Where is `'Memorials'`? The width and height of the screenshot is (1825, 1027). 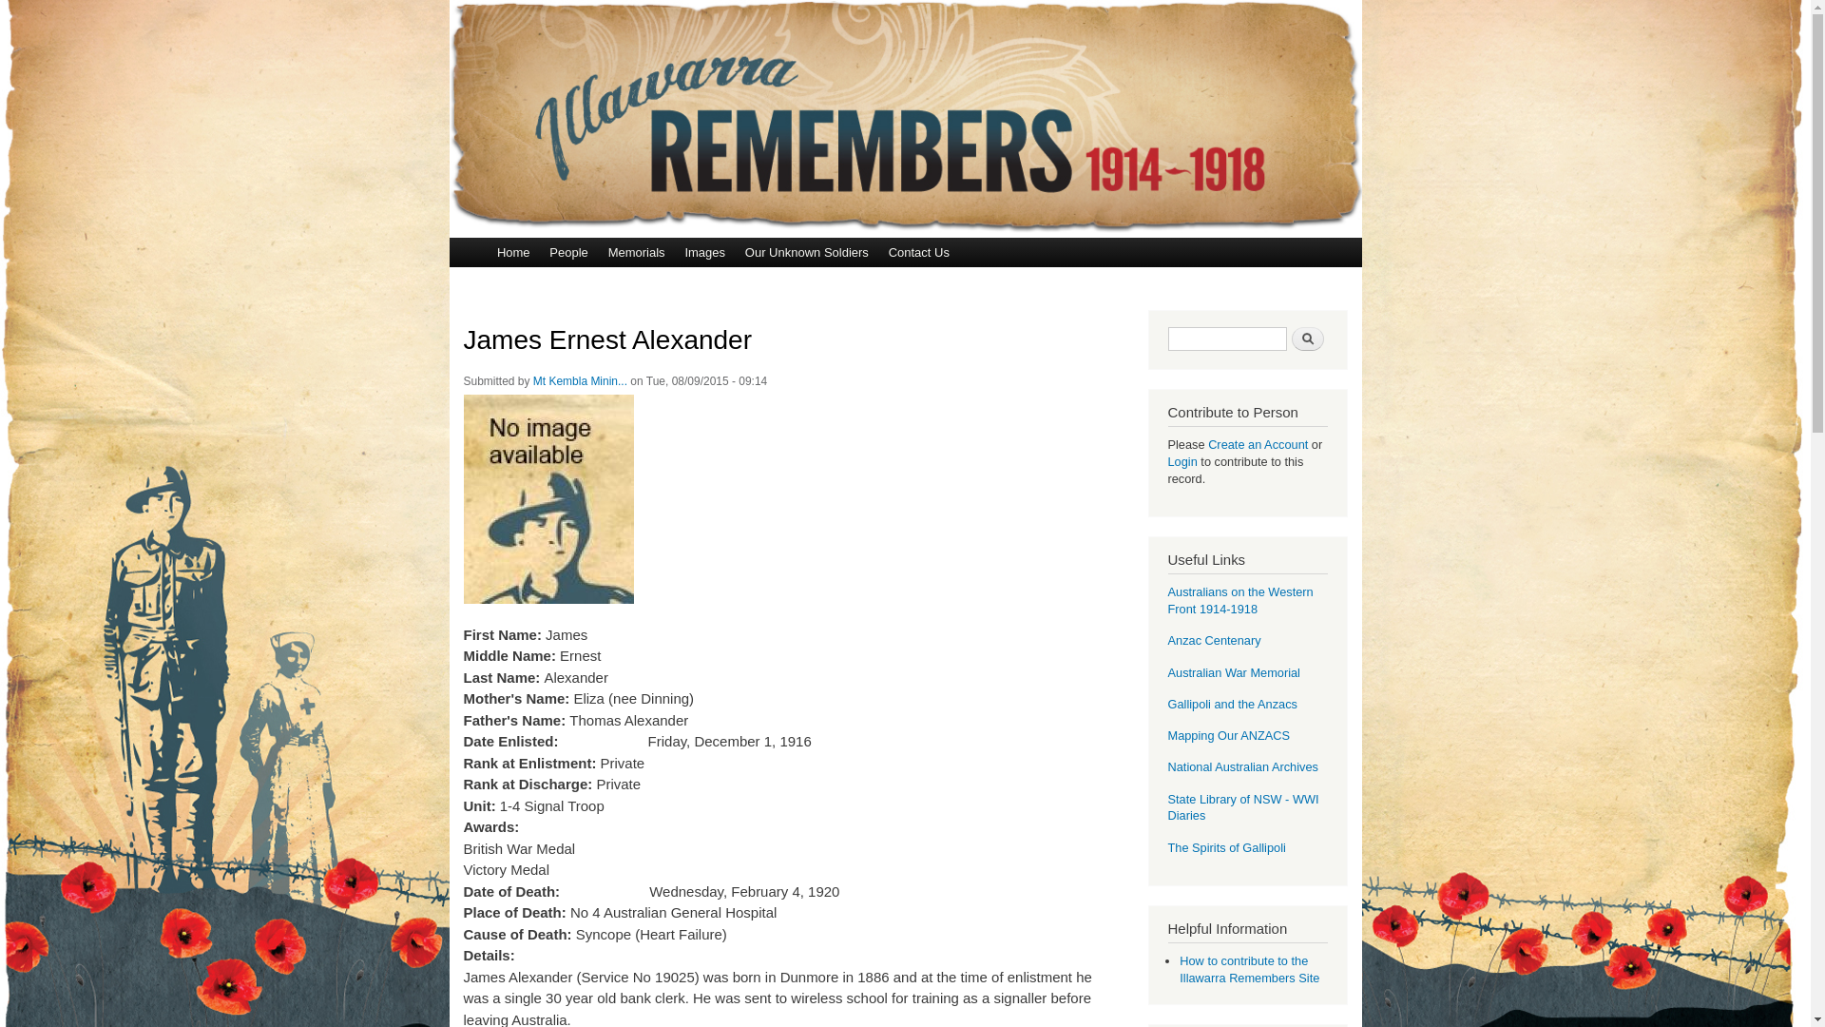 'Memorials' is located at coordinates (636, 251).